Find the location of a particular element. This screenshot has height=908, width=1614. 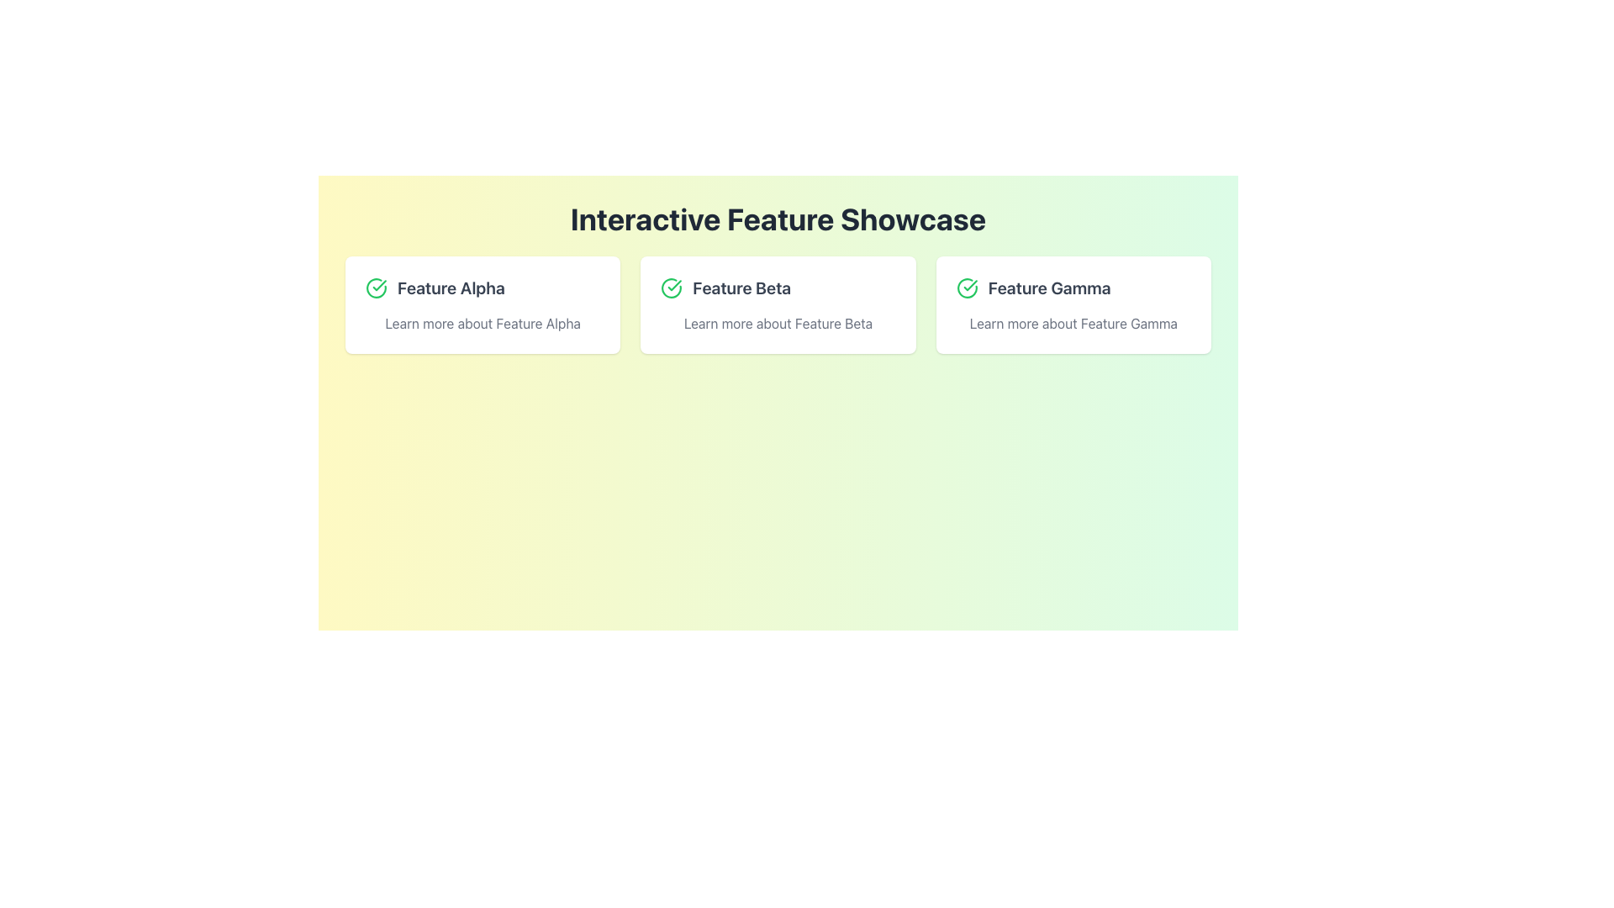

the green circular icon with a checkmark, which indicates a completed state, positioned to the left of the text 'Feature Alpha' is located at coordinates (375, 288).